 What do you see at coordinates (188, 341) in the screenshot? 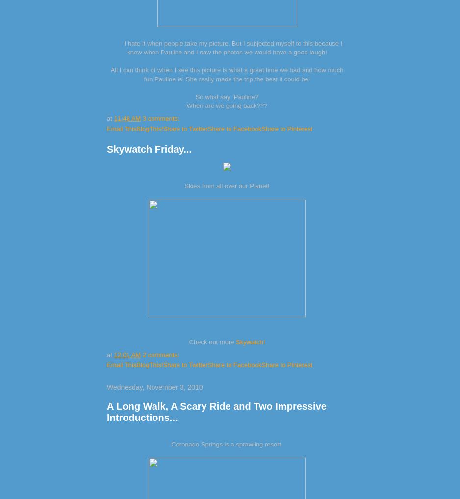
I see `'Check out more'` at bounding box center [188, 341].